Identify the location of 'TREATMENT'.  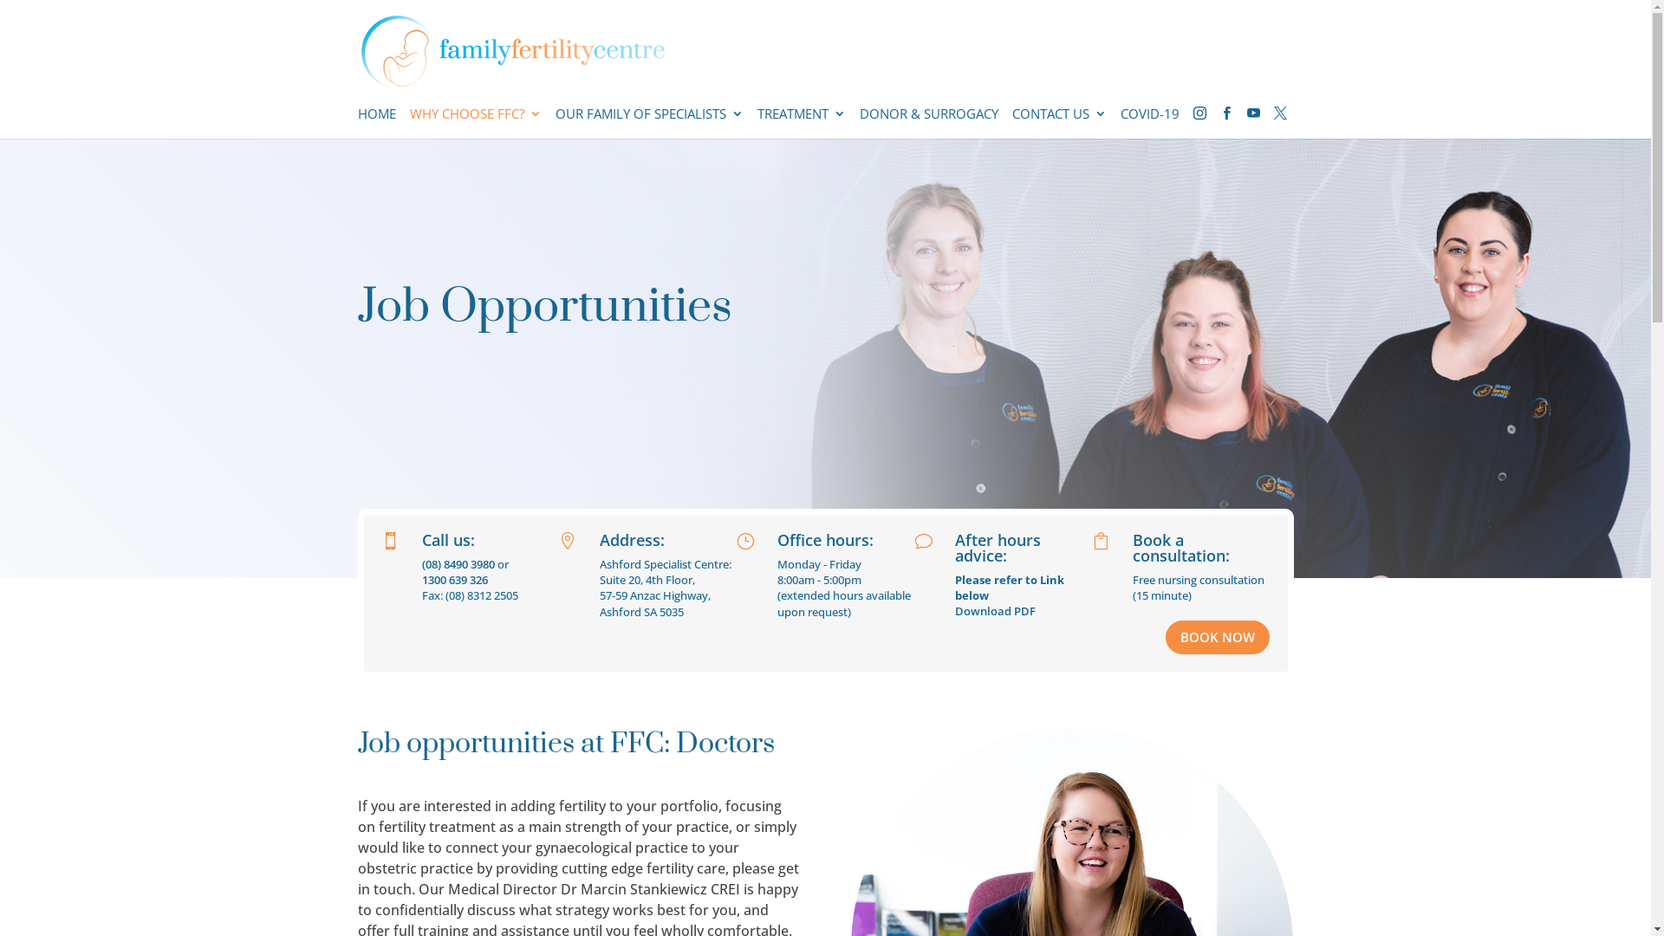
(801, 122).